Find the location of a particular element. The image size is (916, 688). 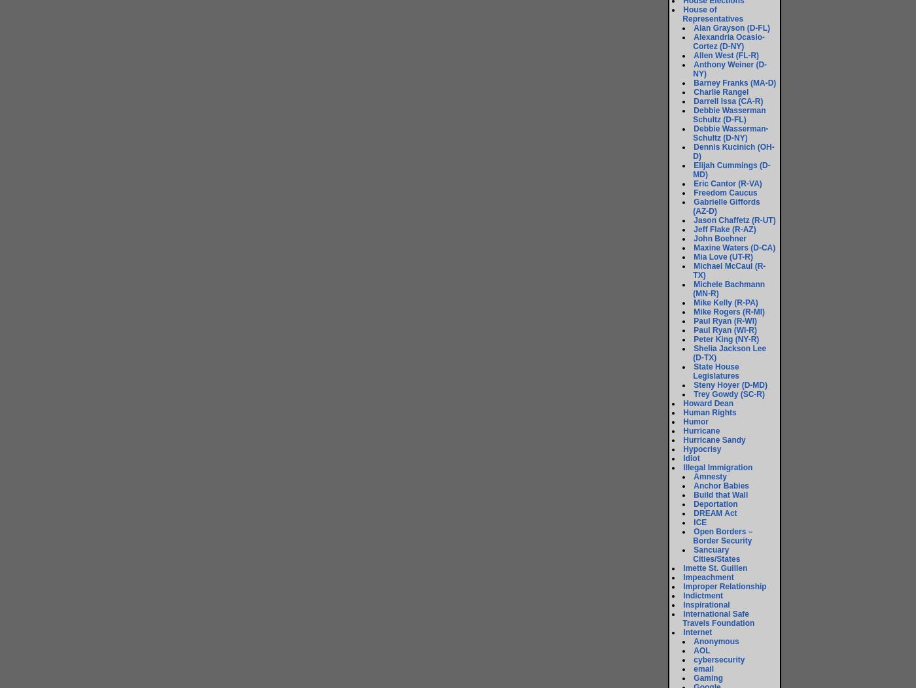

'House of Representatives' is located at coordinates (713, 14).